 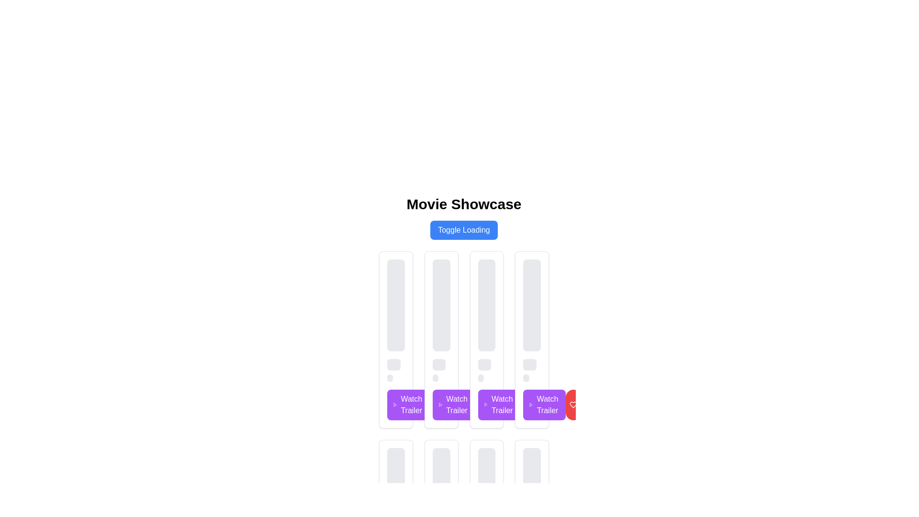 What do you see at coordinates (486, 321) in the screenshot?
I see `the gray rectangular loading indicator with rounded corners located at the top of the third card in a row of movie-related information` at bounding box center [486, 321].